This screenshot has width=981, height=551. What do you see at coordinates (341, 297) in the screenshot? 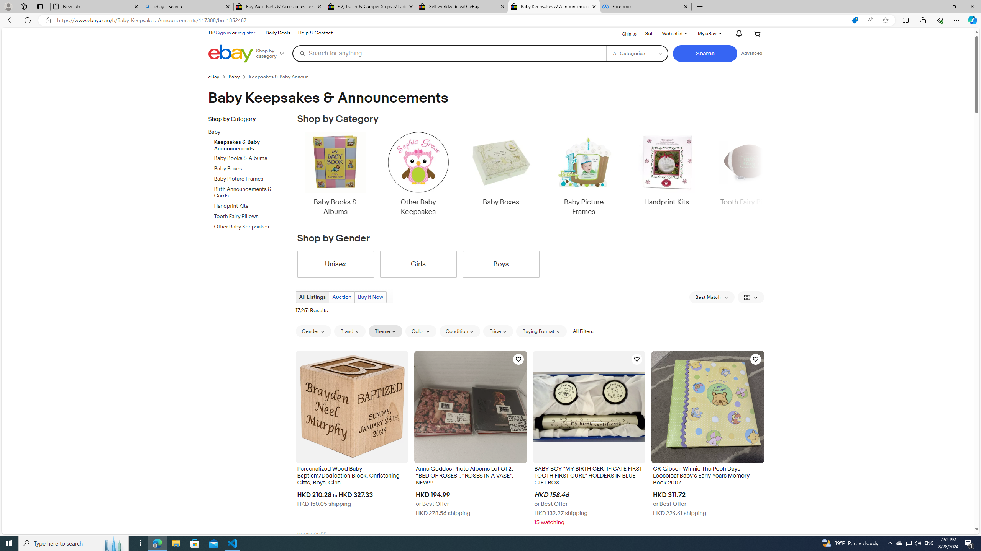
I see `'Auction'` at bounding box center [341, 297].